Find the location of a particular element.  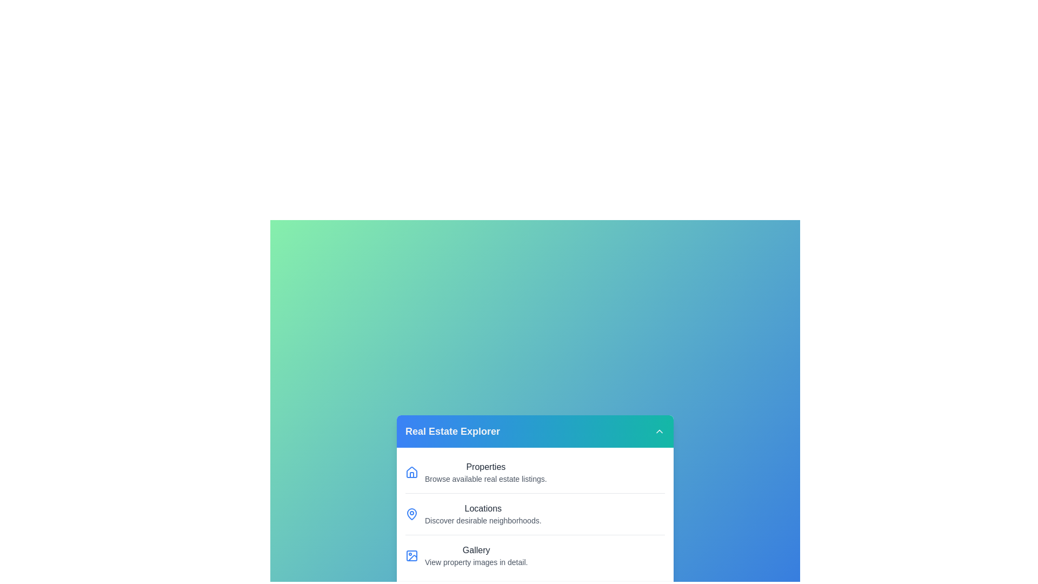

the menu item corresponding to Gallery is located at coordinates (535, 555).